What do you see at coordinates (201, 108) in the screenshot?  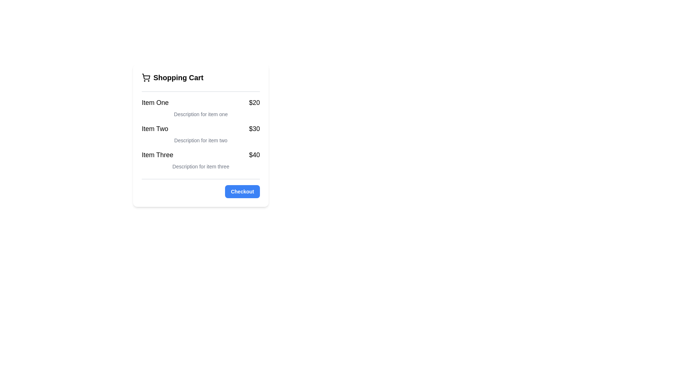 I see `item name 'Item One', its price '$20', and the description 'Description for item one' from the first item in the shopping cart interface` at bounding box center [201, 108].